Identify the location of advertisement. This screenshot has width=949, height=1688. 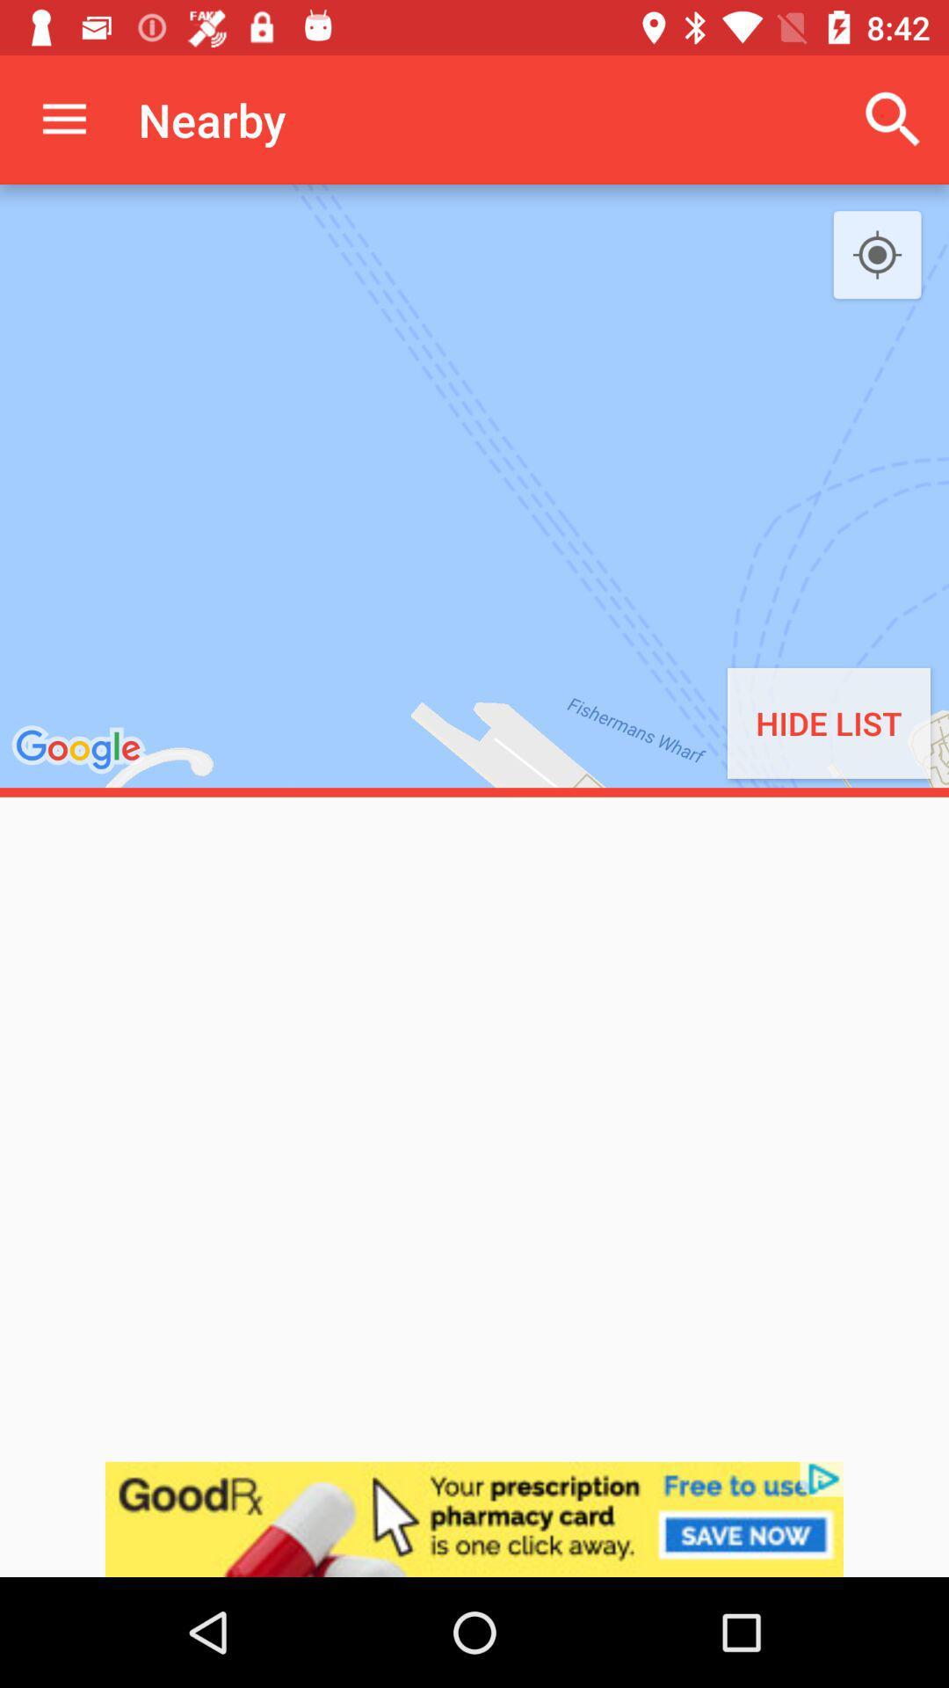
(474, 1518).